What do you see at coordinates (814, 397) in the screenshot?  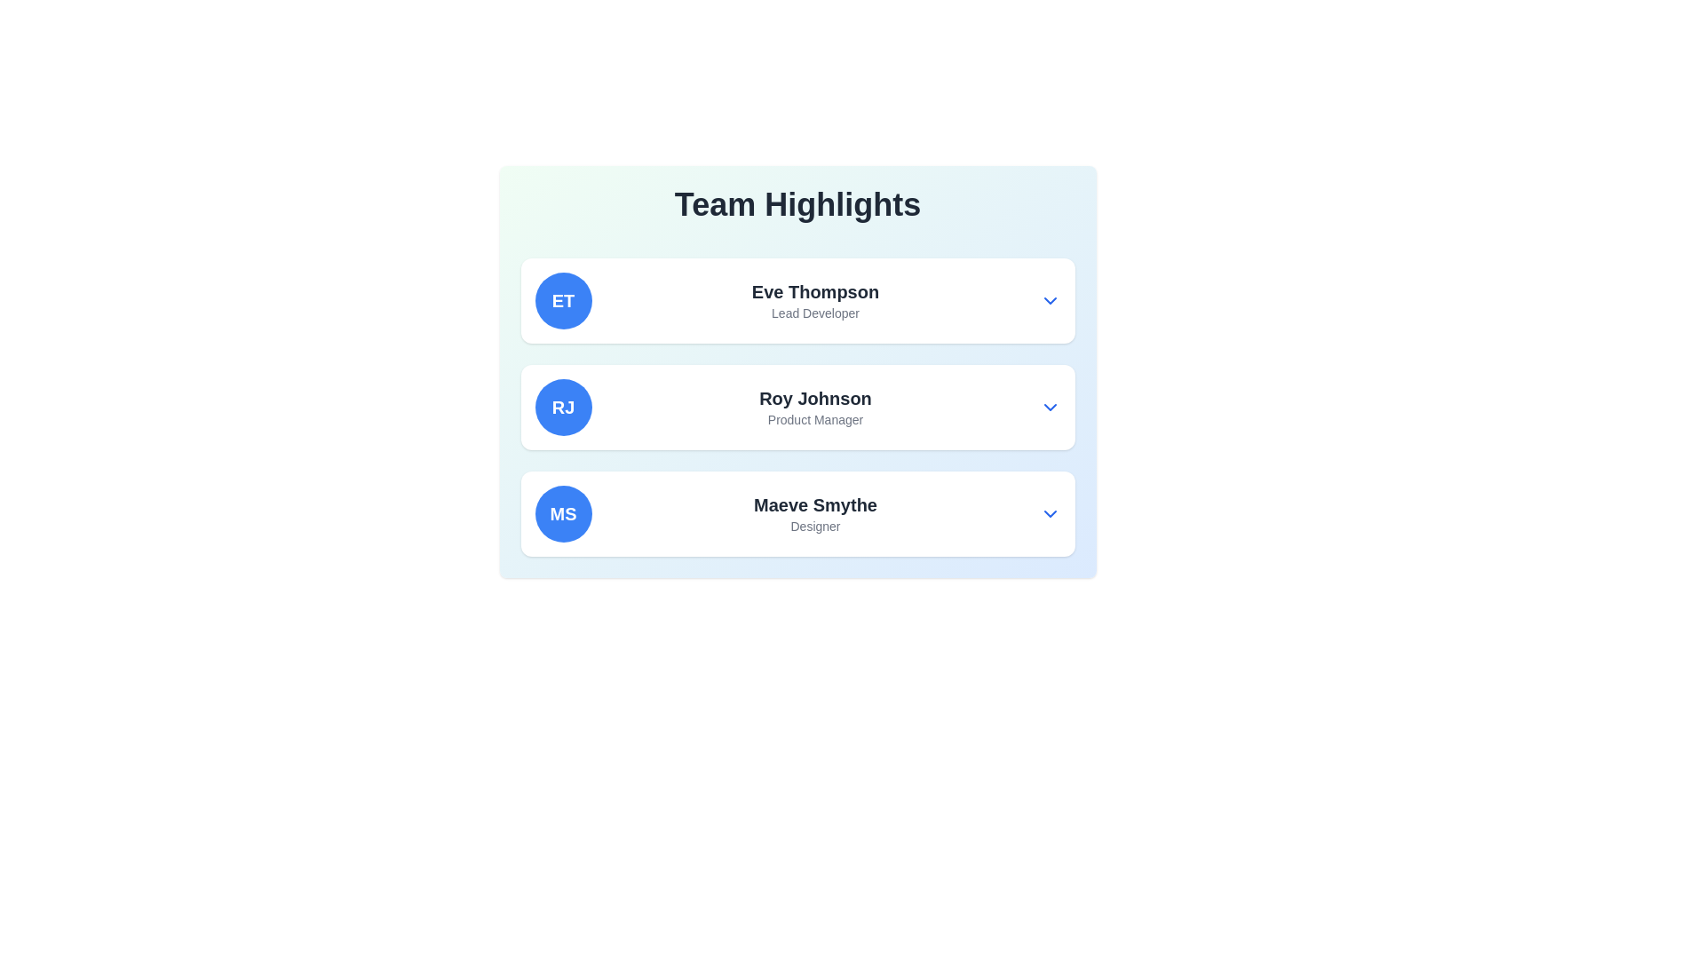 I see `the text label representing the full name of a team member, which is positioned above the 'Product Manager' text in the 'Team Highlights' list` at bounding box center [814, 397].